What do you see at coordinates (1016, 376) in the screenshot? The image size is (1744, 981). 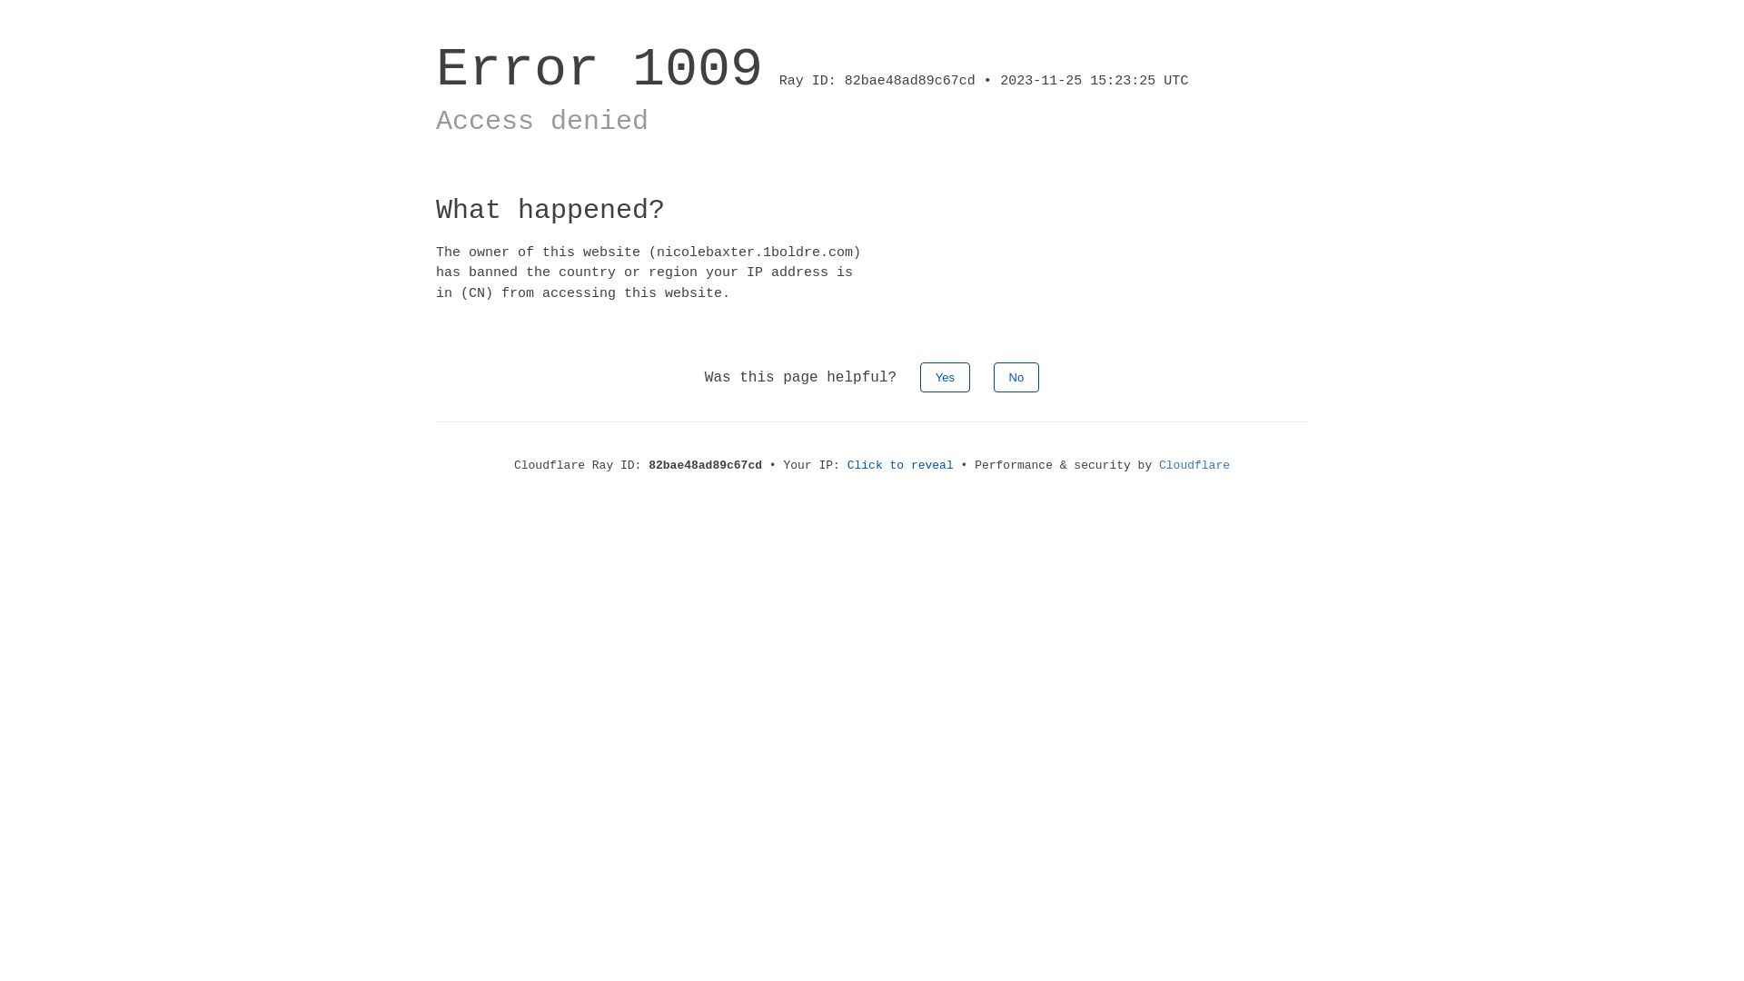 I see `'No'` at bounding box center [1016, 376].